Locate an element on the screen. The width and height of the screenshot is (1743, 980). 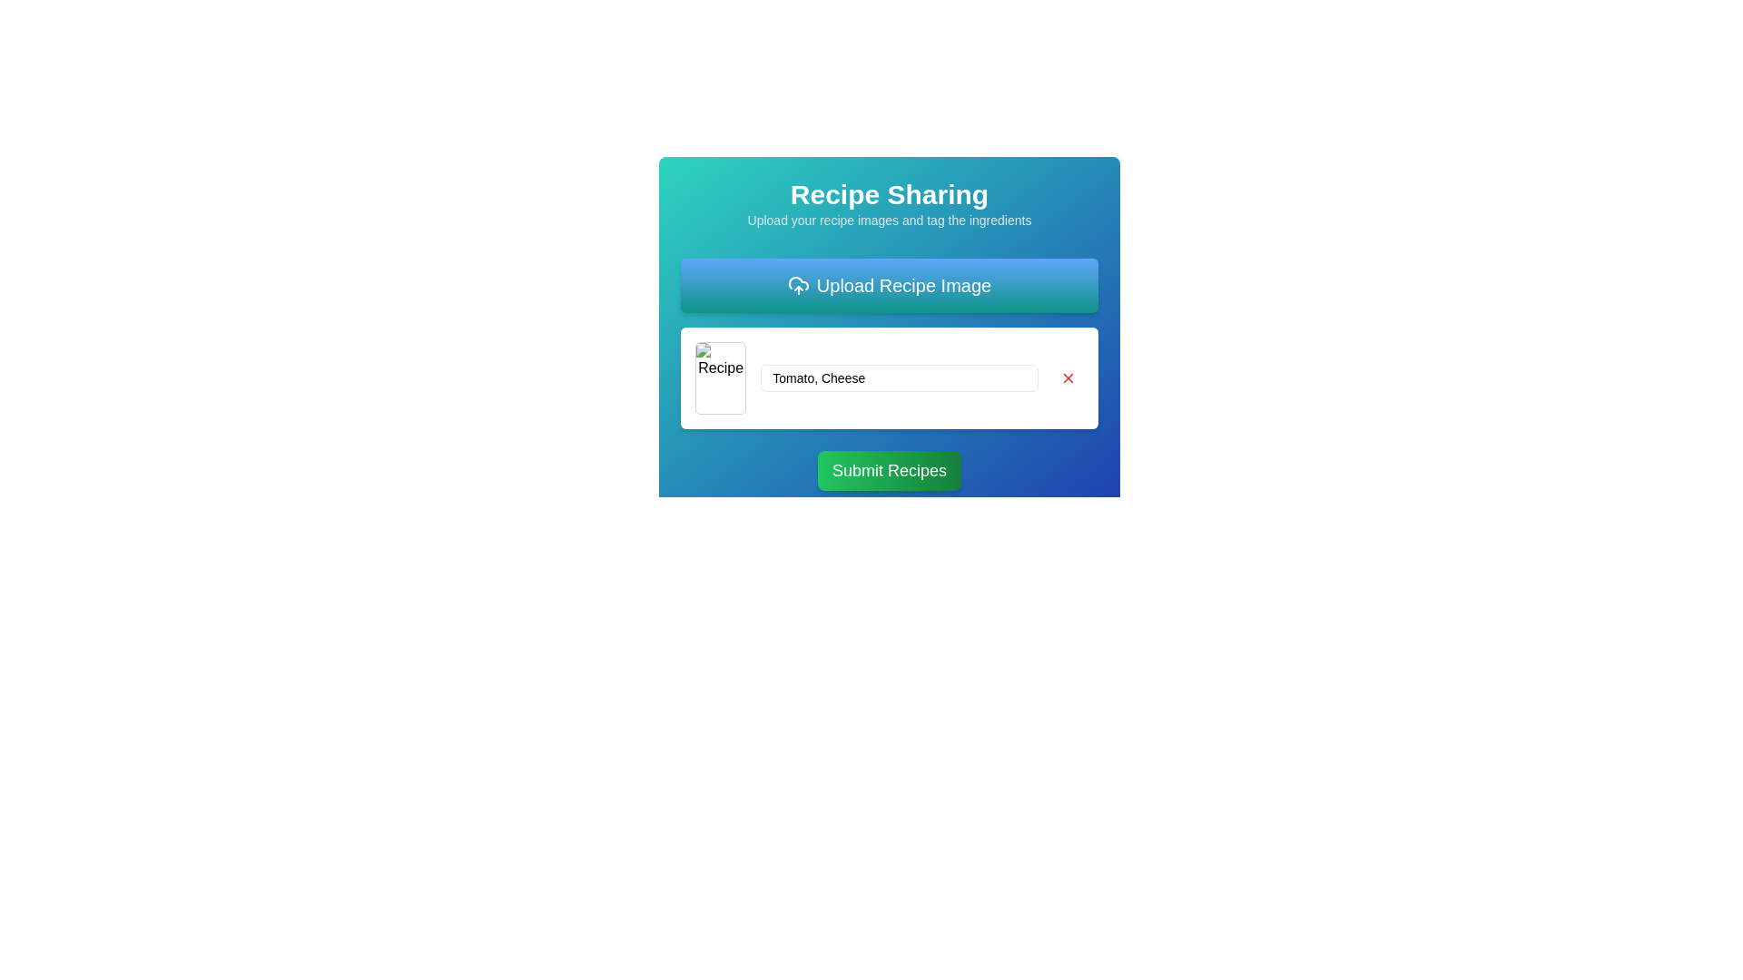
the submit button located below the ingredients text input field is located at coordinates (889, 470).